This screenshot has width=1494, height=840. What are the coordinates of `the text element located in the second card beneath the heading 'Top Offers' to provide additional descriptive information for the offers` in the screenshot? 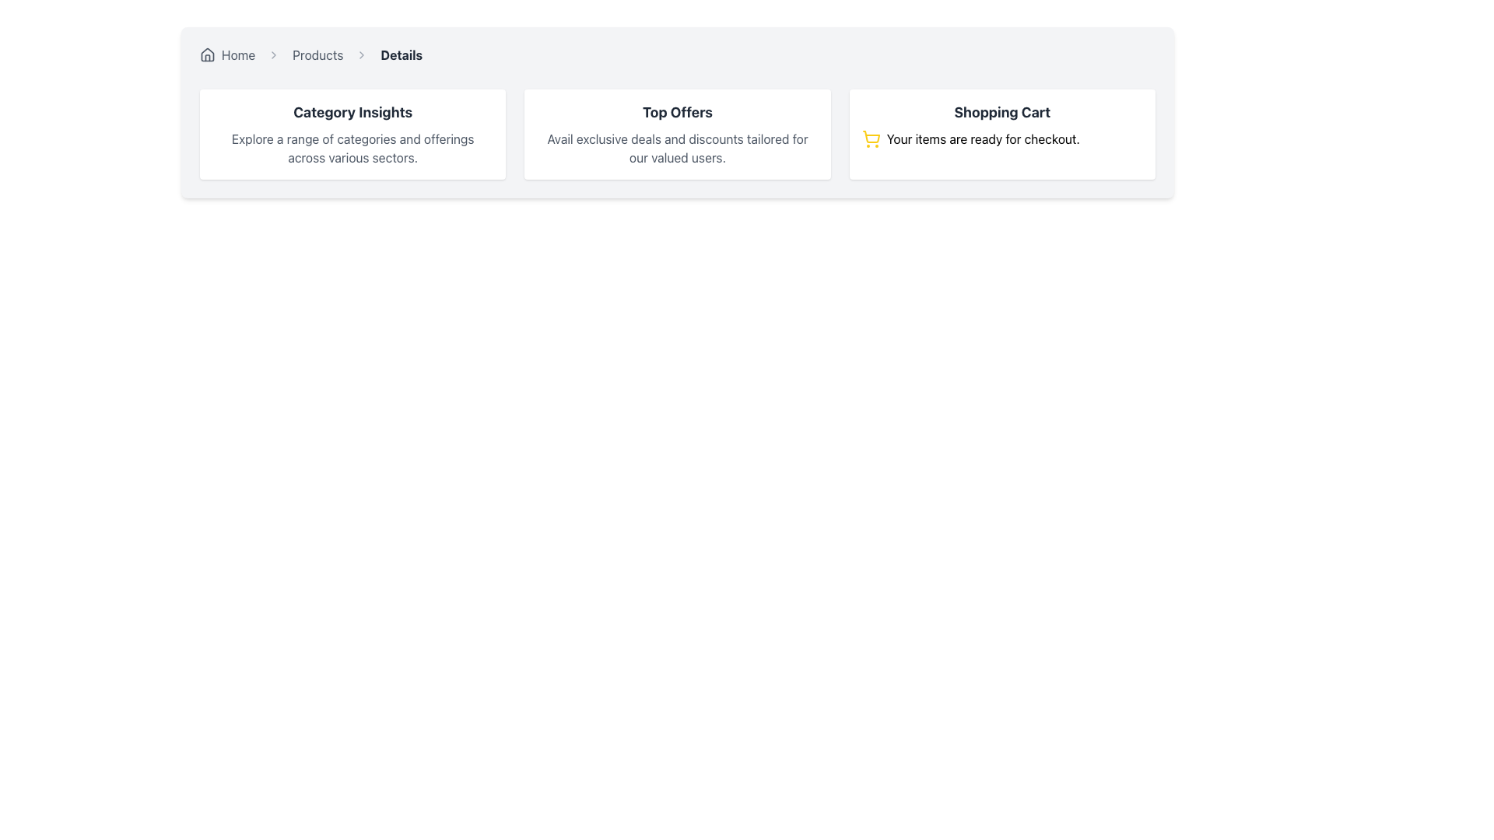 It's located at (677, 149).